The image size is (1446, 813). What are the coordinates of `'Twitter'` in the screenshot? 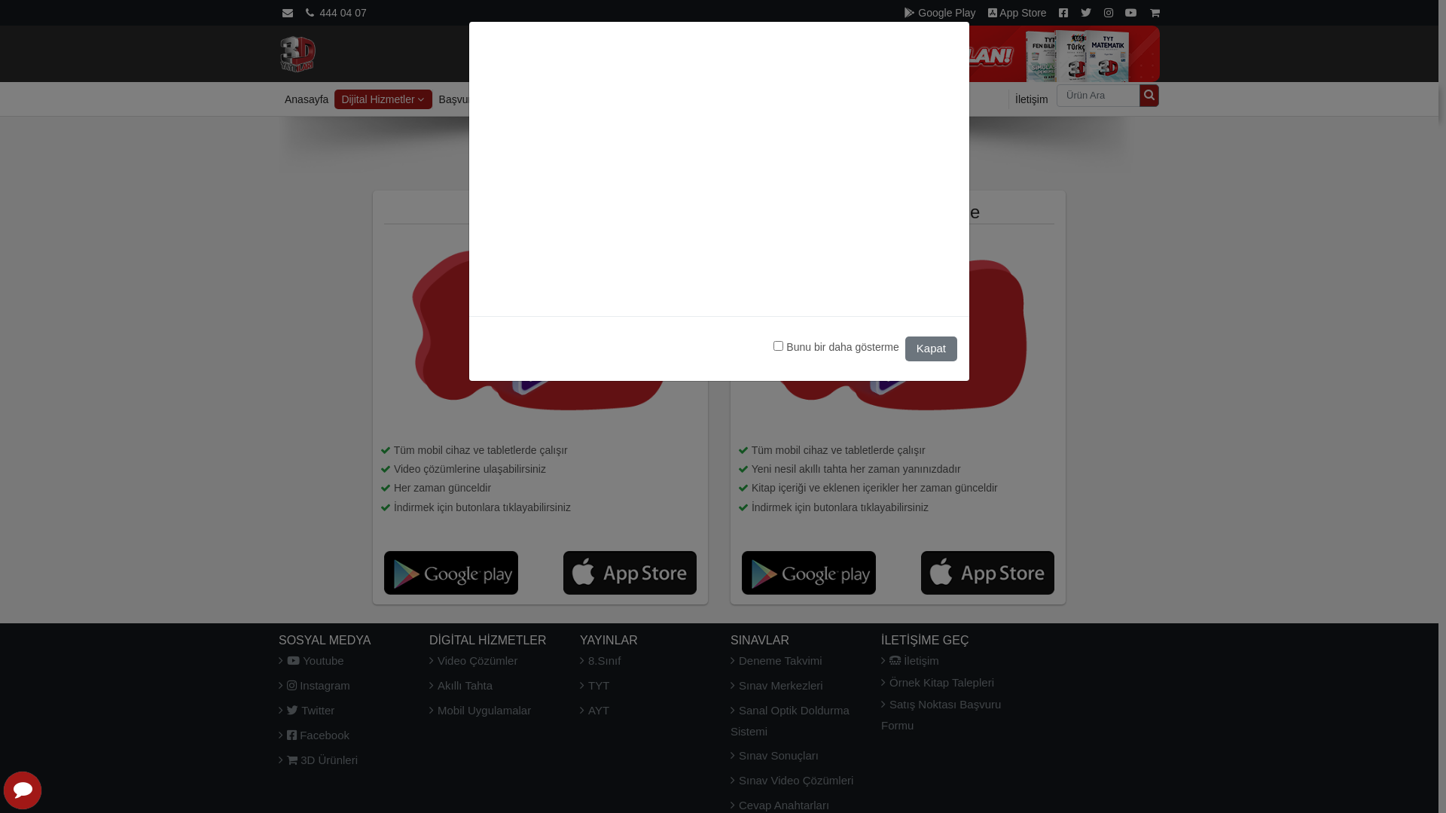 It's located at (306, 710).